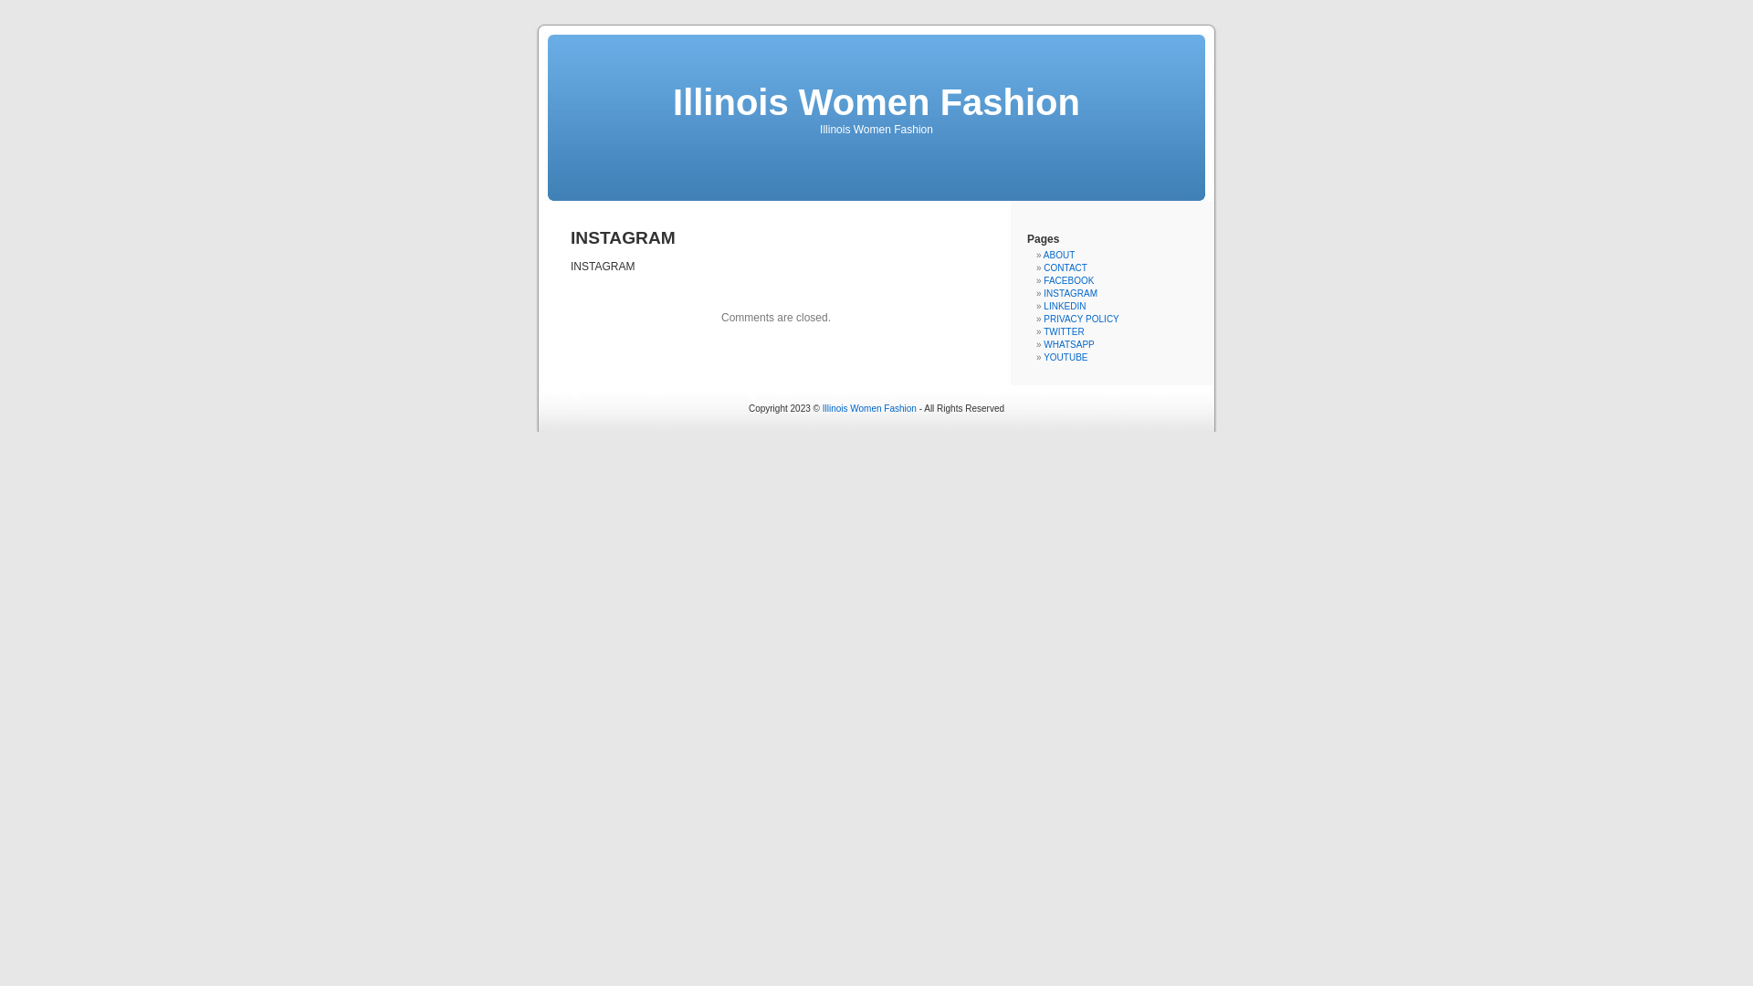  Describe the element at coordinates (1043, 318) in the screenshot. I see `'PRIVACY POLICY'` at that location.